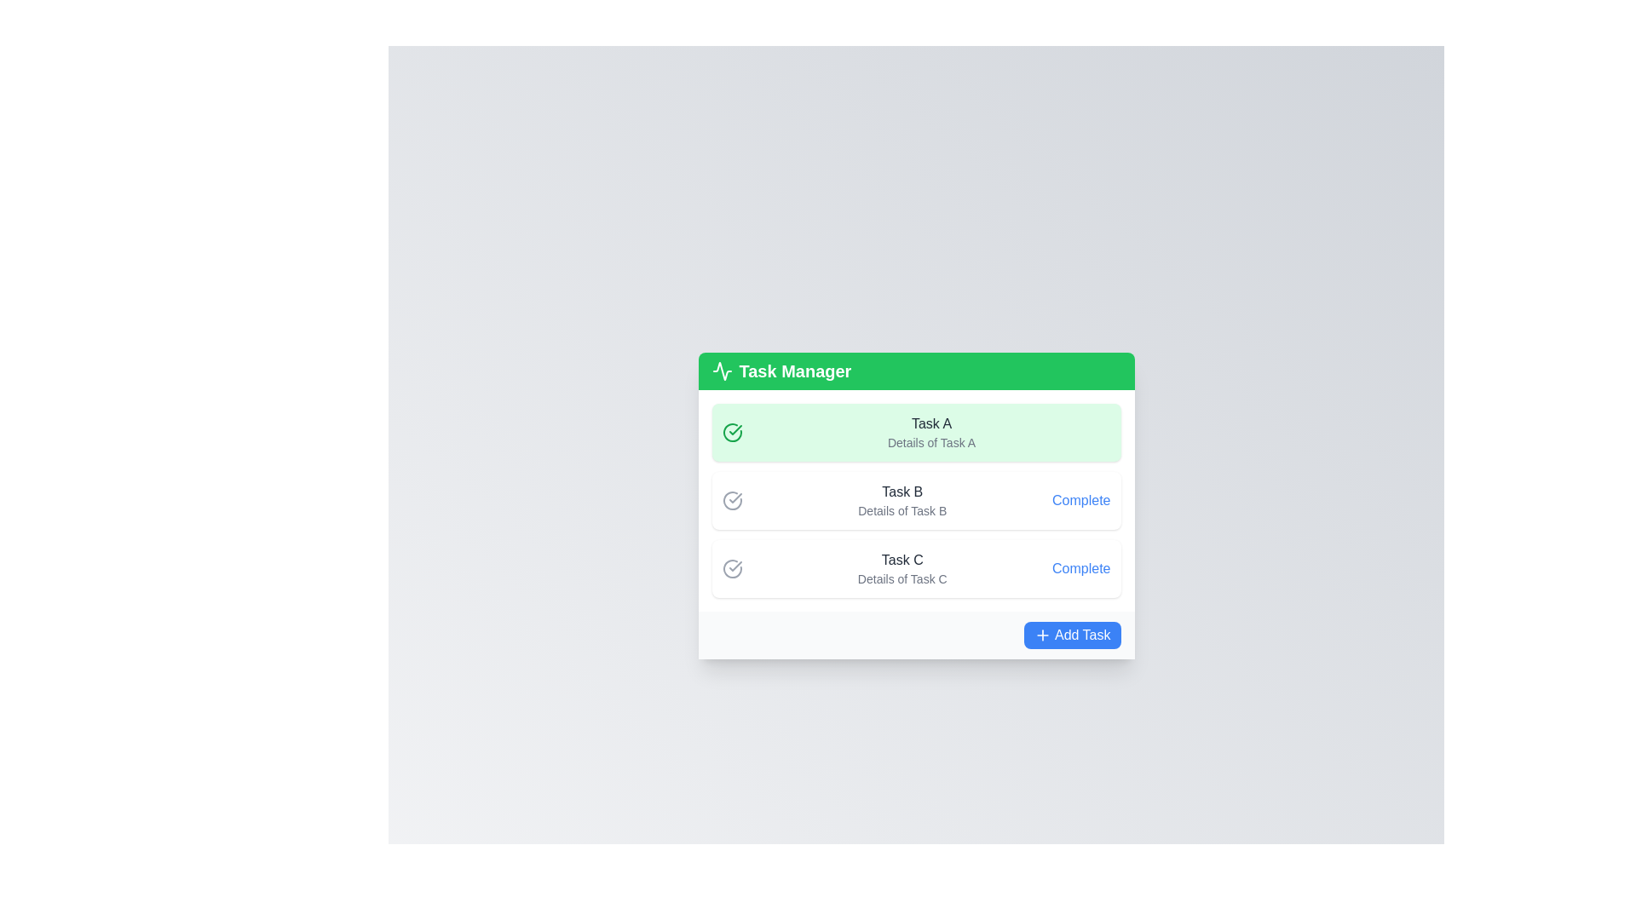 The width and height of the screenshot is (1636, 920). Describe the element at coordinates (735, 566) in the screenshot. I see `the completion status icon for 'Task A' located in the task manager interface, which is situated left of the task title and above its details` at that location.